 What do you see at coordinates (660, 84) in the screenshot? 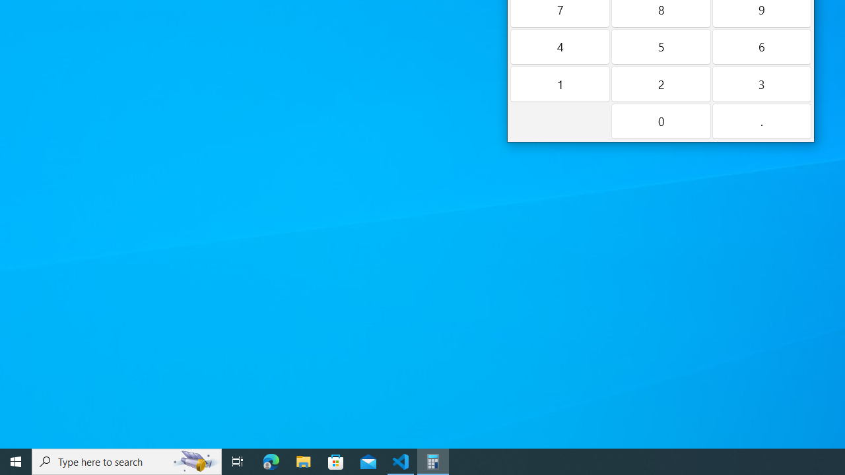
I see `'Two'` at bounding box center [660, 84].